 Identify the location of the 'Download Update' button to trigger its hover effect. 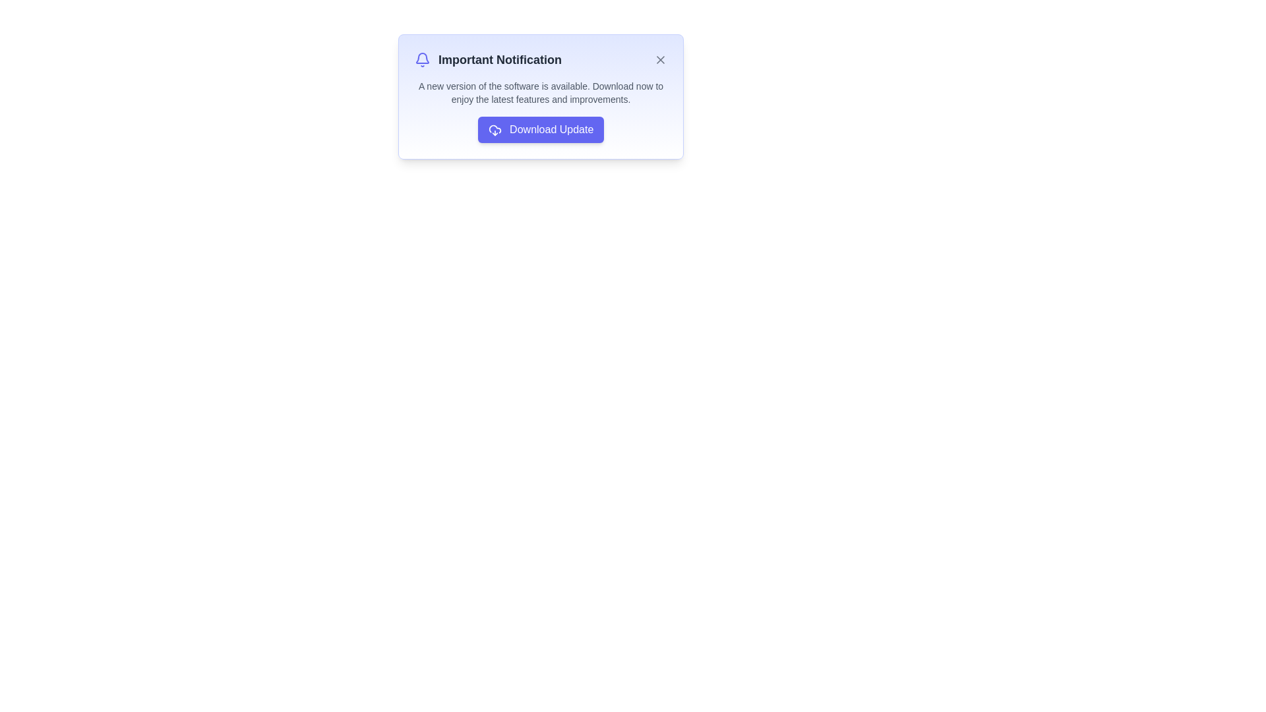
(541, 129).